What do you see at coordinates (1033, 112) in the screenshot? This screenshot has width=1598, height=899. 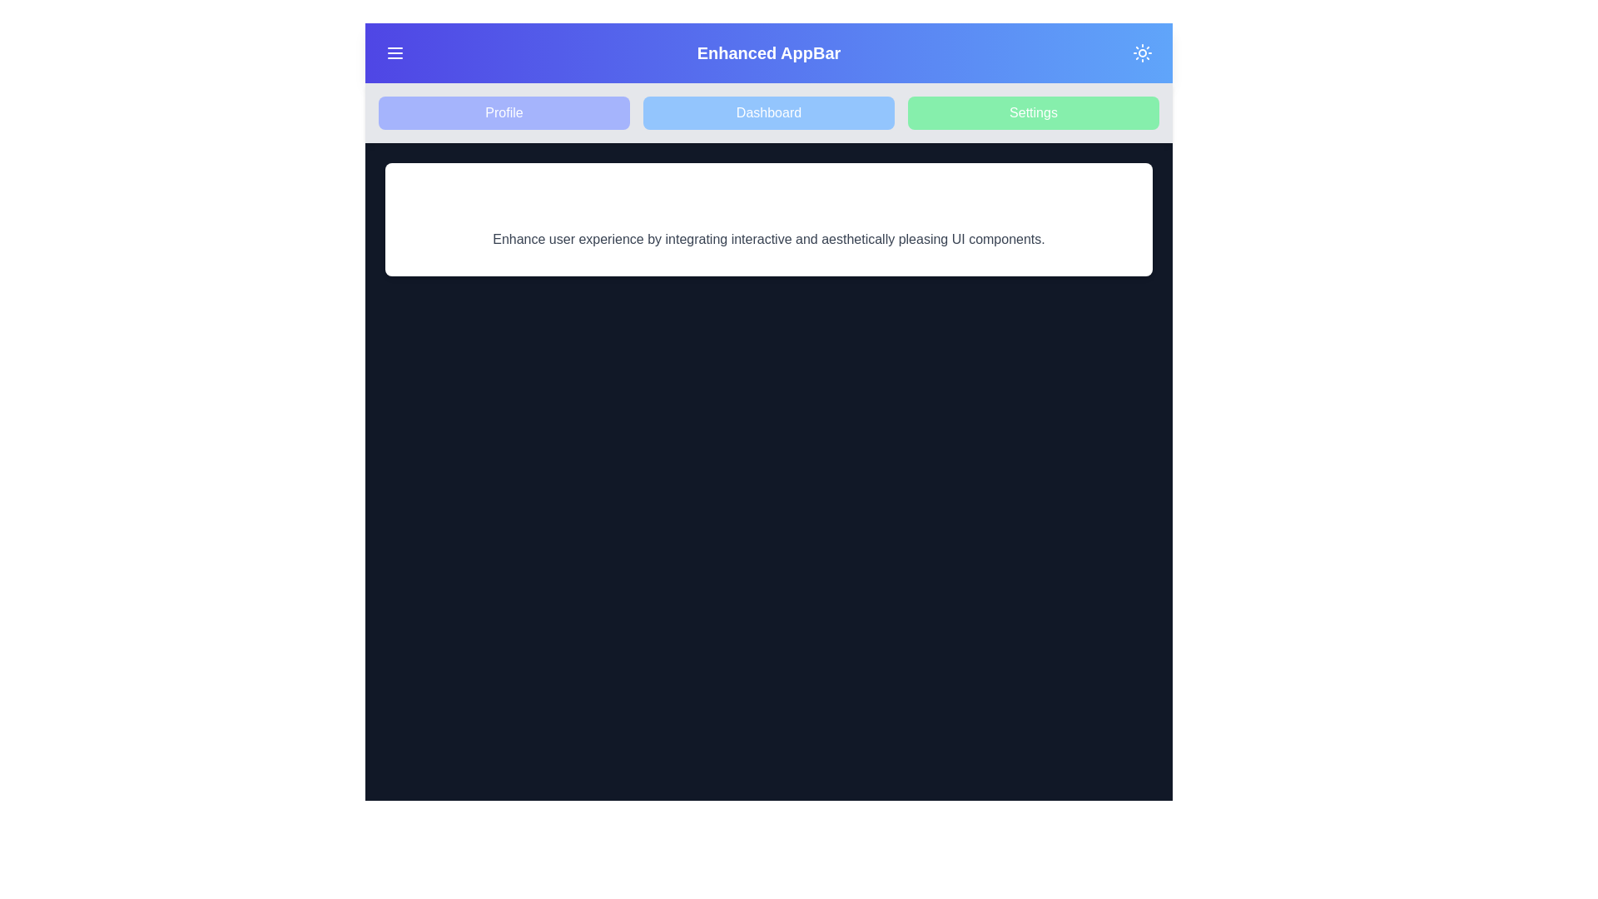 I see `the navigation item Settings` at bounding box center [1033, 112].